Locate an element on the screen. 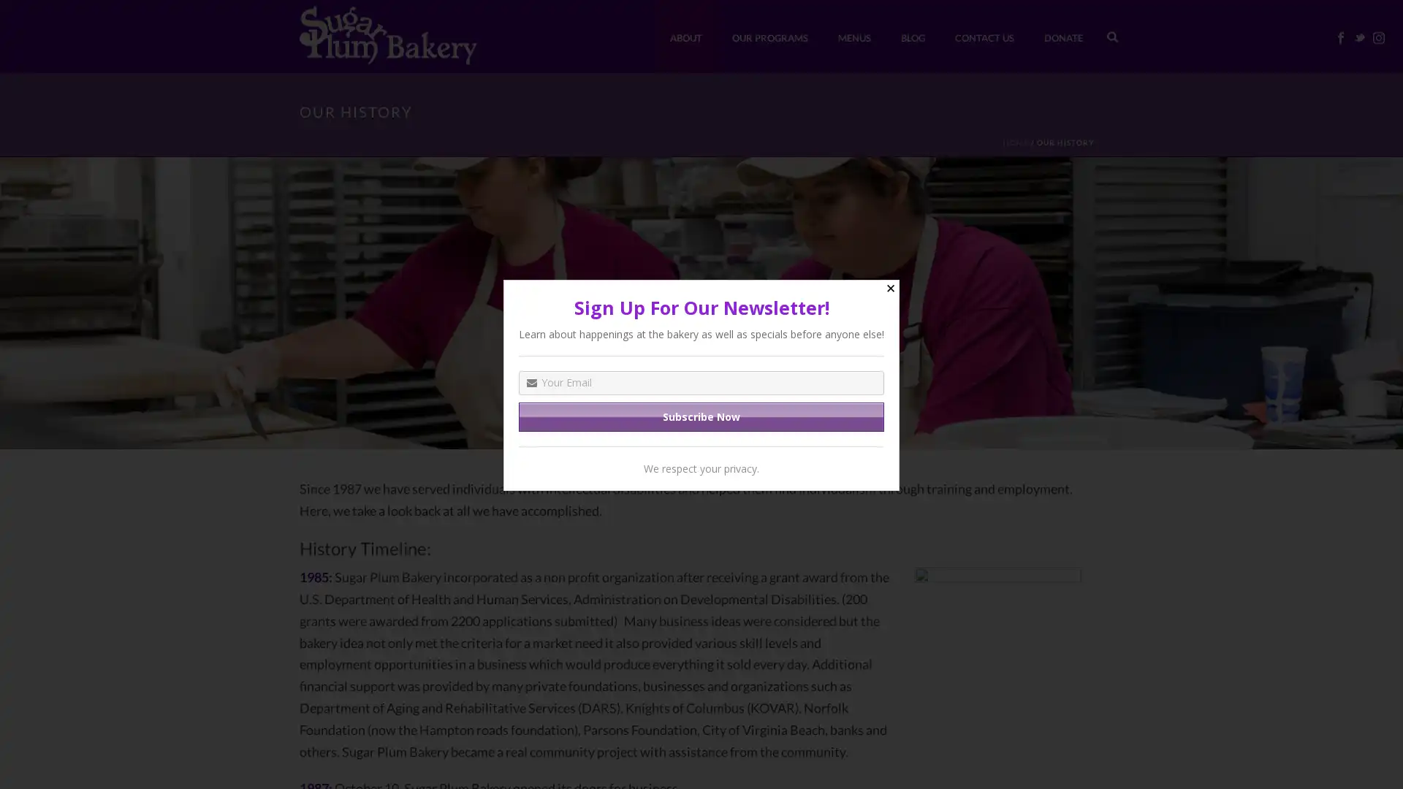  Close is located at coordinates (889, 289).